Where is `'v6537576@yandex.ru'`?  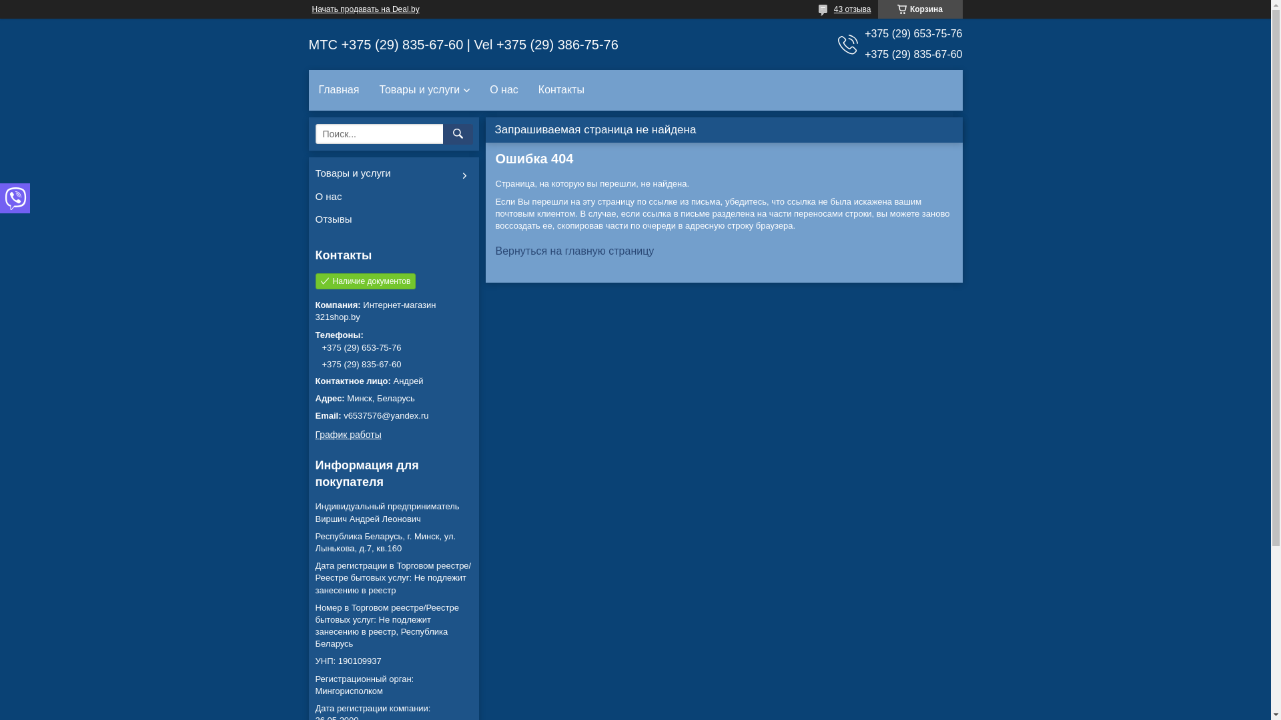 'v6537576@yandex.ru' is located at coordinates (392, 415).